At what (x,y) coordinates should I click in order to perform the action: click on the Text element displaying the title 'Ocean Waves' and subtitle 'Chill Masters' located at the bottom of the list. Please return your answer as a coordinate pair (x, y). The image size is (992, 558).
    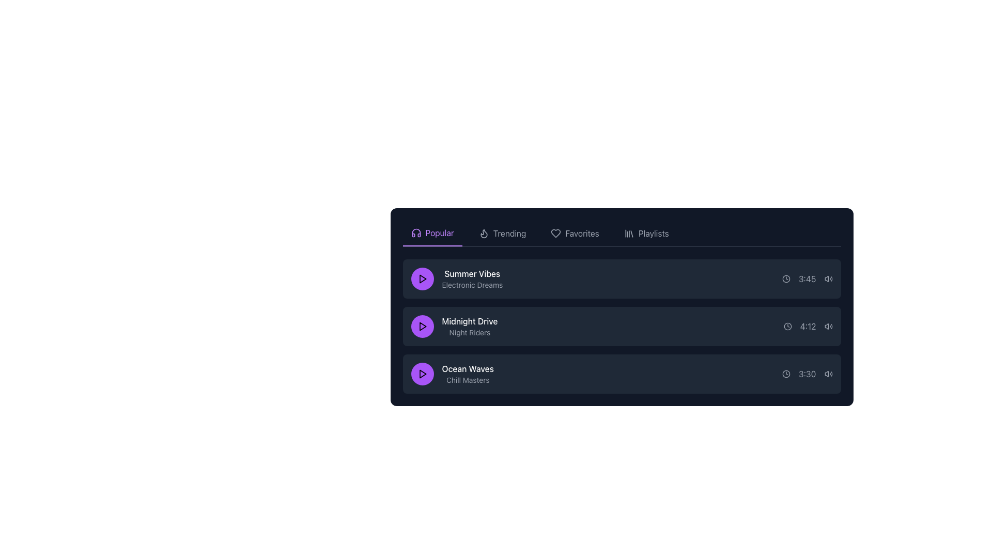
    Looking at the image, I should click on (467, 374).